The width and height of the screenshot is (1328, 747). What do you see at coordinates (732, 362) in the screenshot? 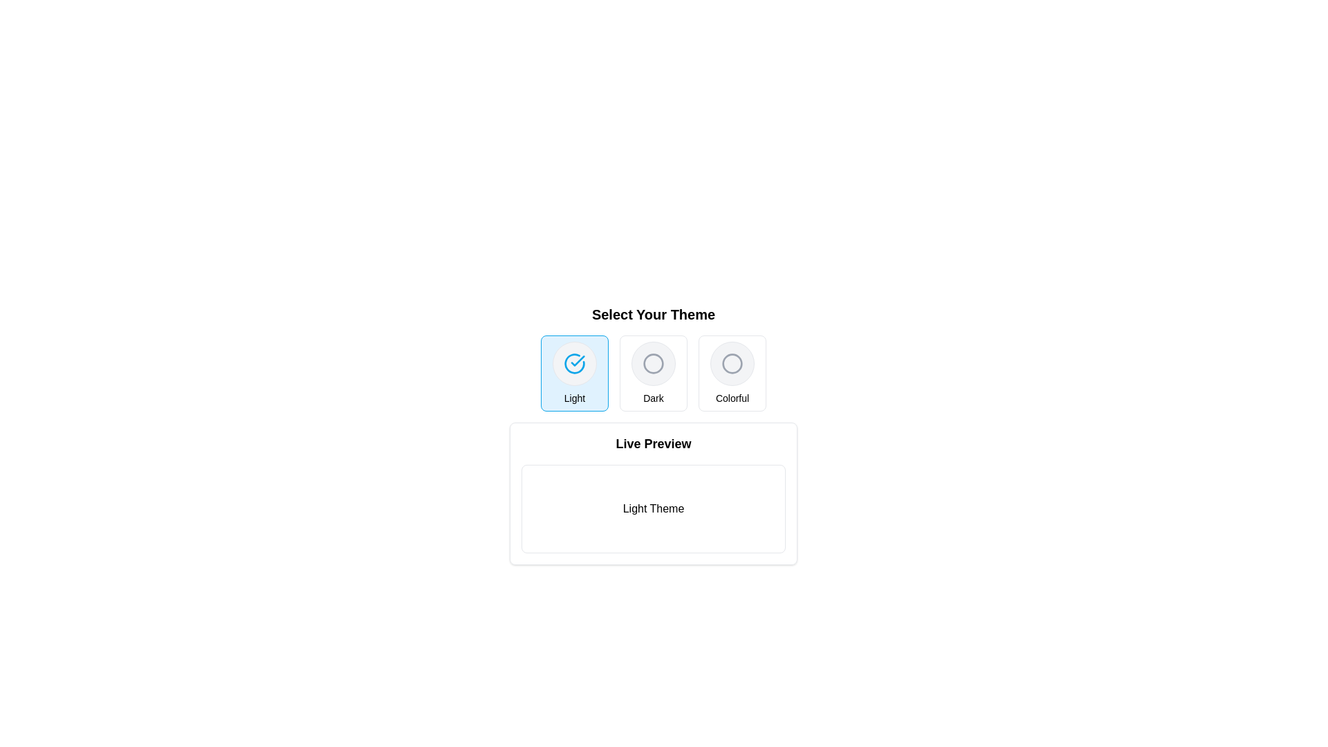
I see `the 'Colorful' theme selection icon in the 'Select Your Theme' interface, which is the centerpiece of the third option in the horizontal row of theme selectors` at bounding box center [732, 362].